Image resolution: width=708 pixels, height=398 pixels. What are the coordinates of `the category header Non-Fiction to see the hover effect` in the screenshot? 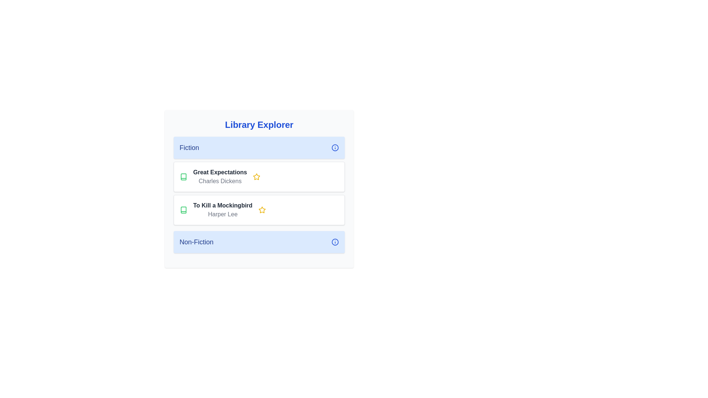 It's located at (259, 242).